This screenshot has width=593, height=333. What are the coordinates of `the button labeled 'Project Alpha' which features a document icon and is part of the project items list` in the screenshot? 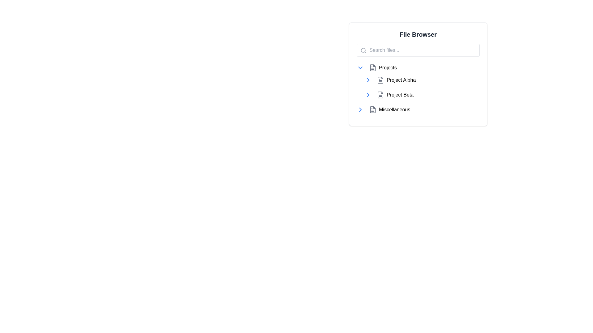 It's located at (396, 80).